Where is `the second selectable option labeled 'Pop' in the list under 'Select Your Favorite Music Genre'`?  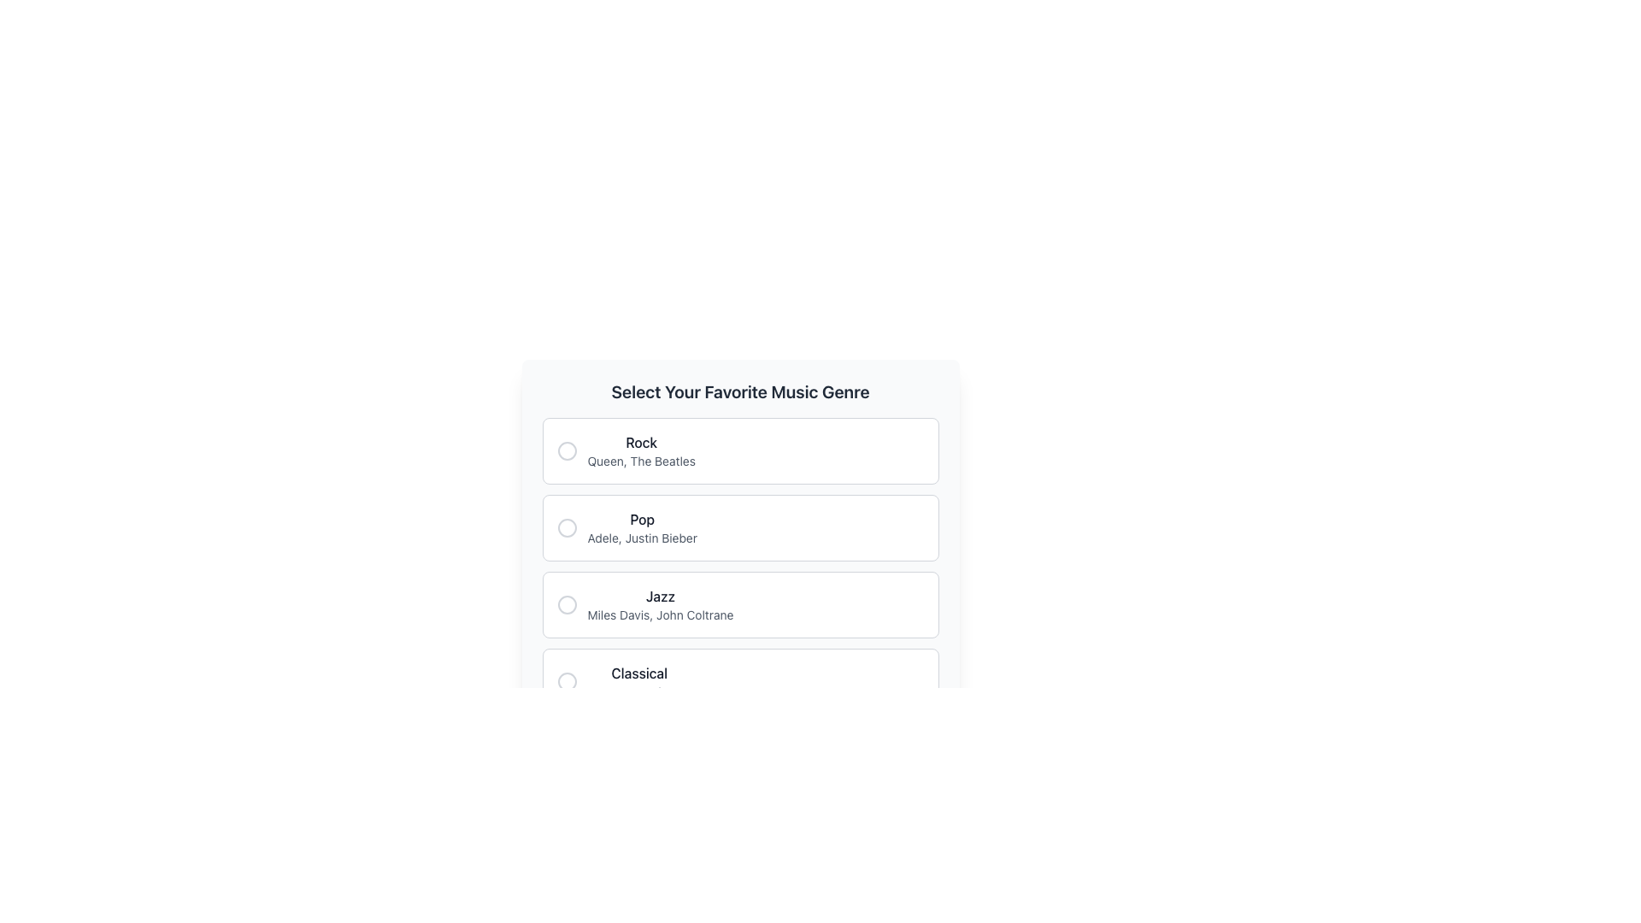
the second selectable option labeled 'Pop' in the list under 'Select Your Favorite Music Genre' is located at coordinates (740, 547).